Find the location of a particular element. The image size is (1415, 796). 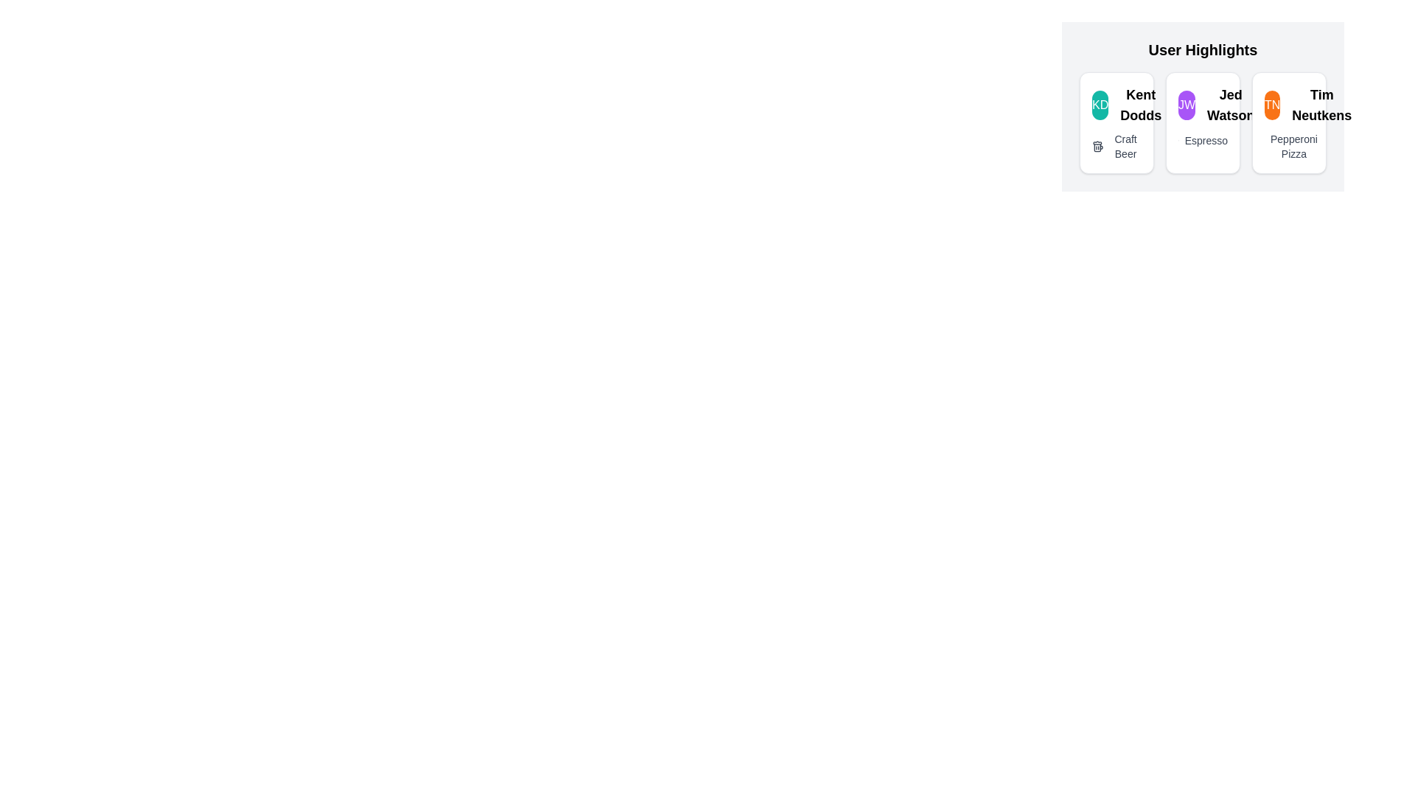

the middle card of the 'User Highlights' panel, which features the initials badge 'JW', name 'Jed Watson', and description 'Espresso' is located at coordinates (1203, 106).